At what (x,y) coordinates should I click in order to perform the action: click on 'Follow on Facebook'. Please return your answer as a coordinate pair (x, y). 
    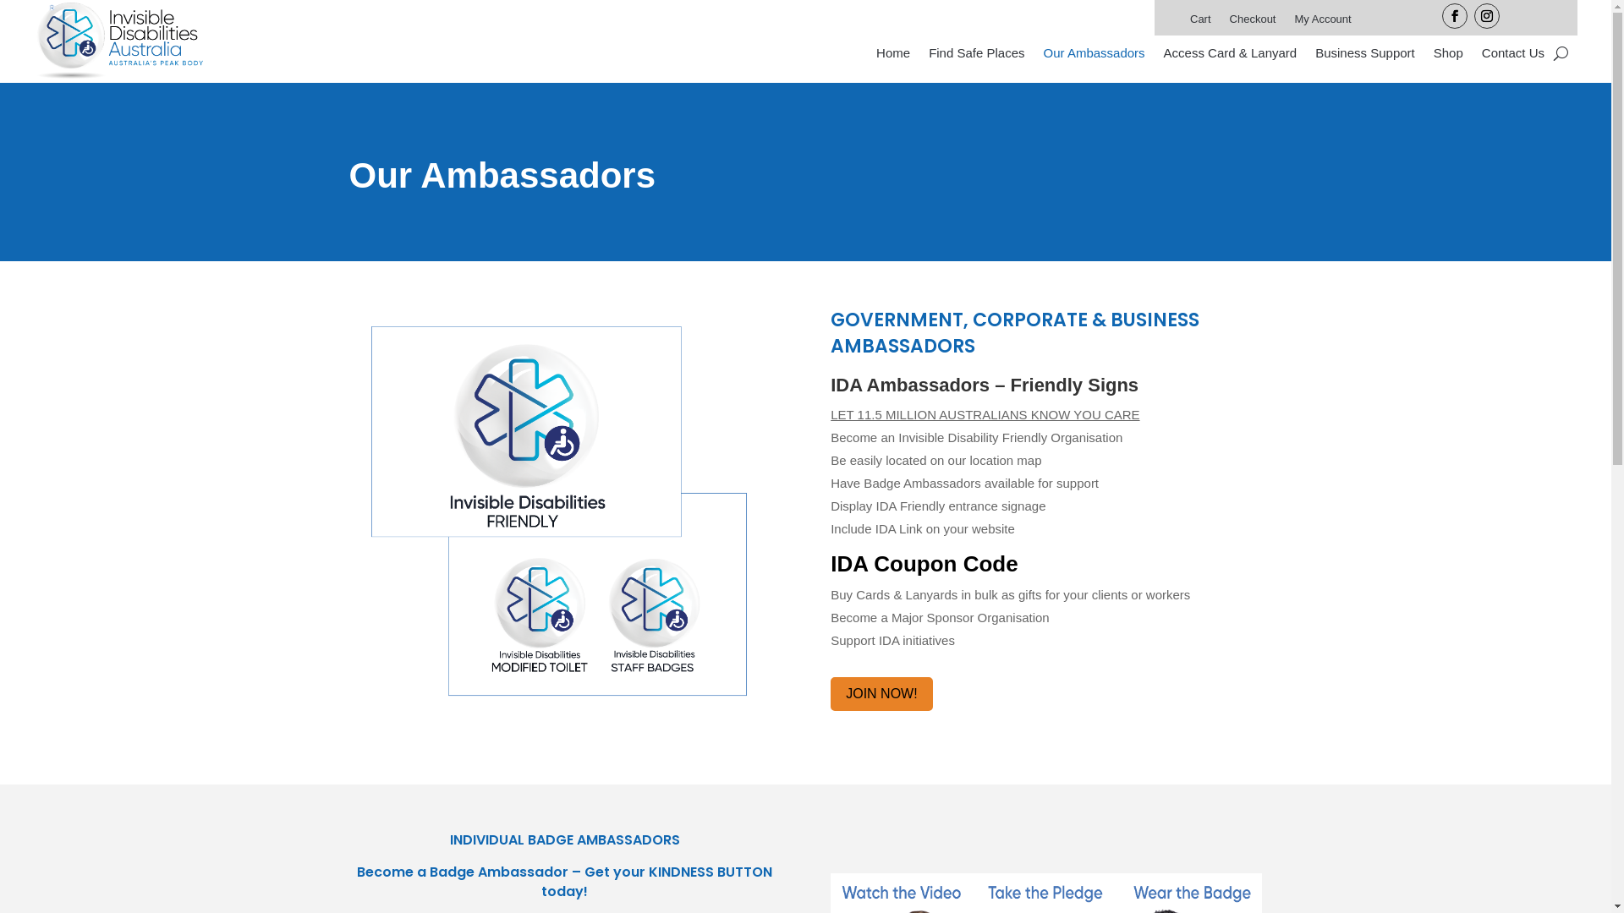
    Looking at the image, I should click on (1453, 16).